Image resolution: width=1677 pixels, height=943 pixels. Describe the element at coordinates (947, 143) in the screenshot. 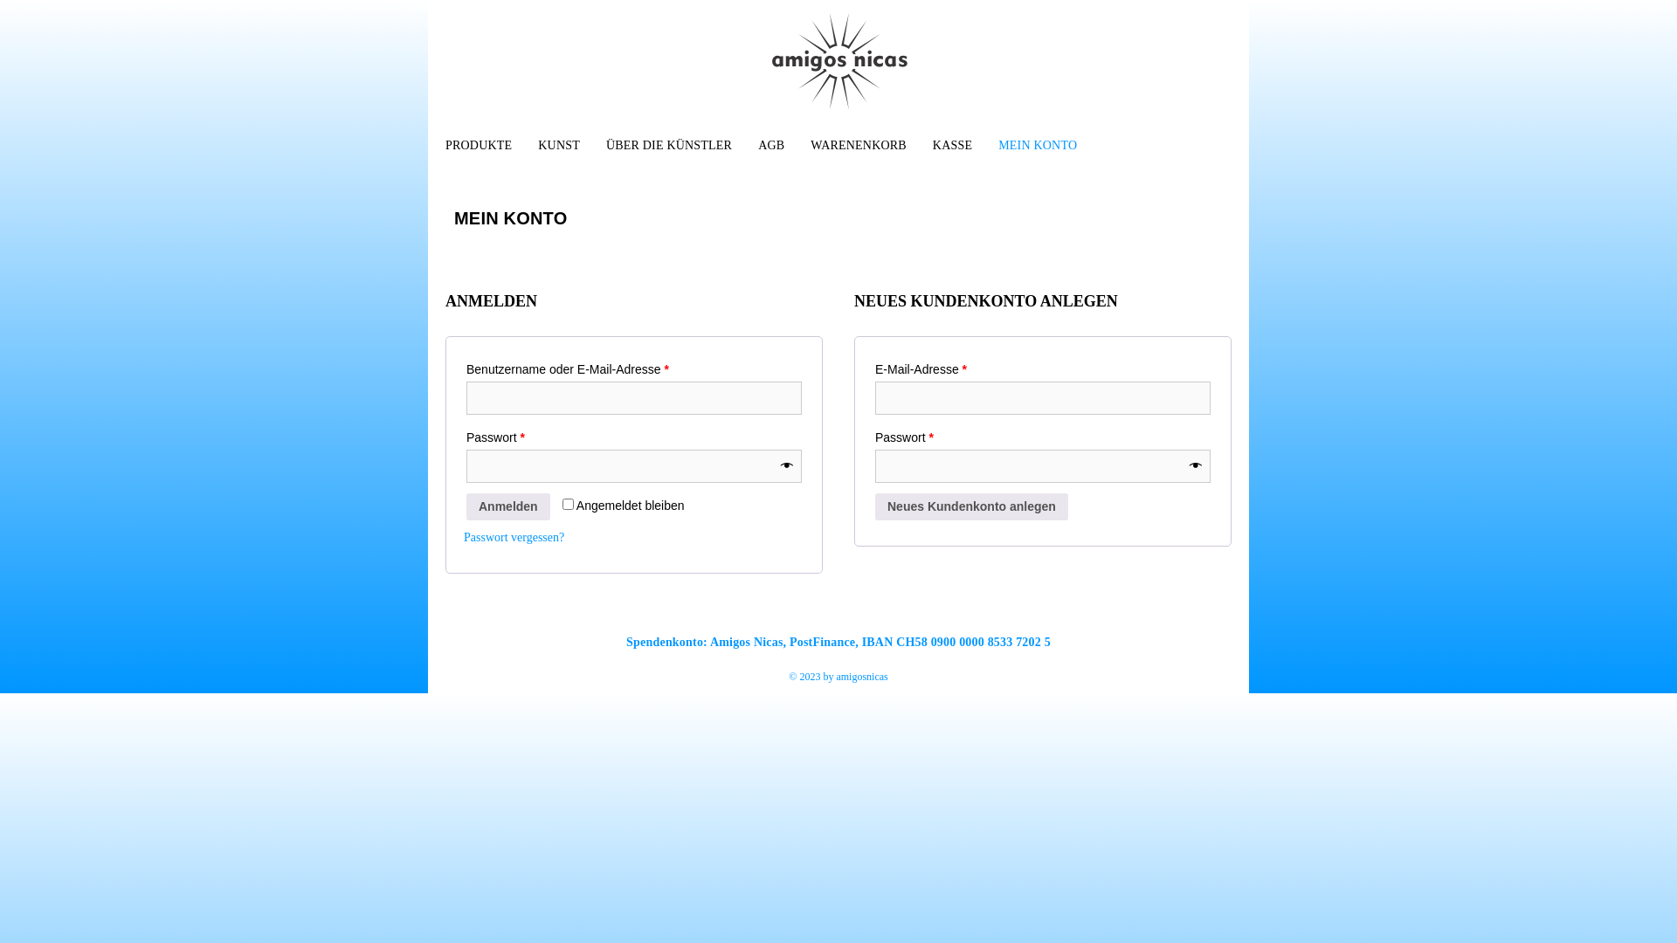

I see `'KASSE'` at that location.